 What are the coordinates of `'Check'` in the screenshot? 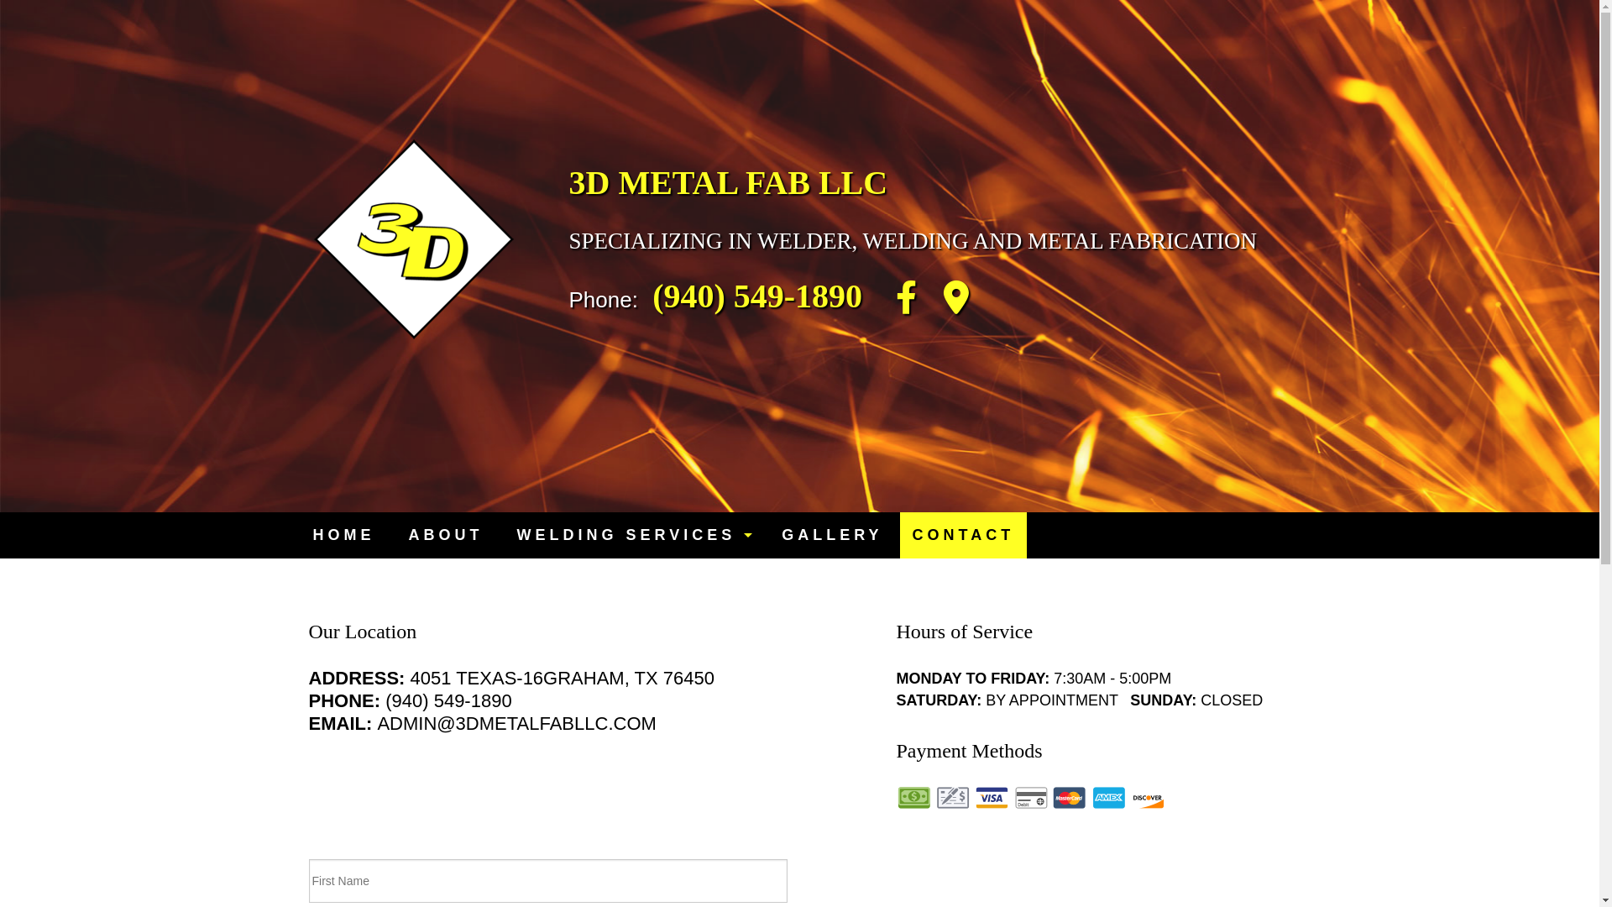 It's located at (934, 796).